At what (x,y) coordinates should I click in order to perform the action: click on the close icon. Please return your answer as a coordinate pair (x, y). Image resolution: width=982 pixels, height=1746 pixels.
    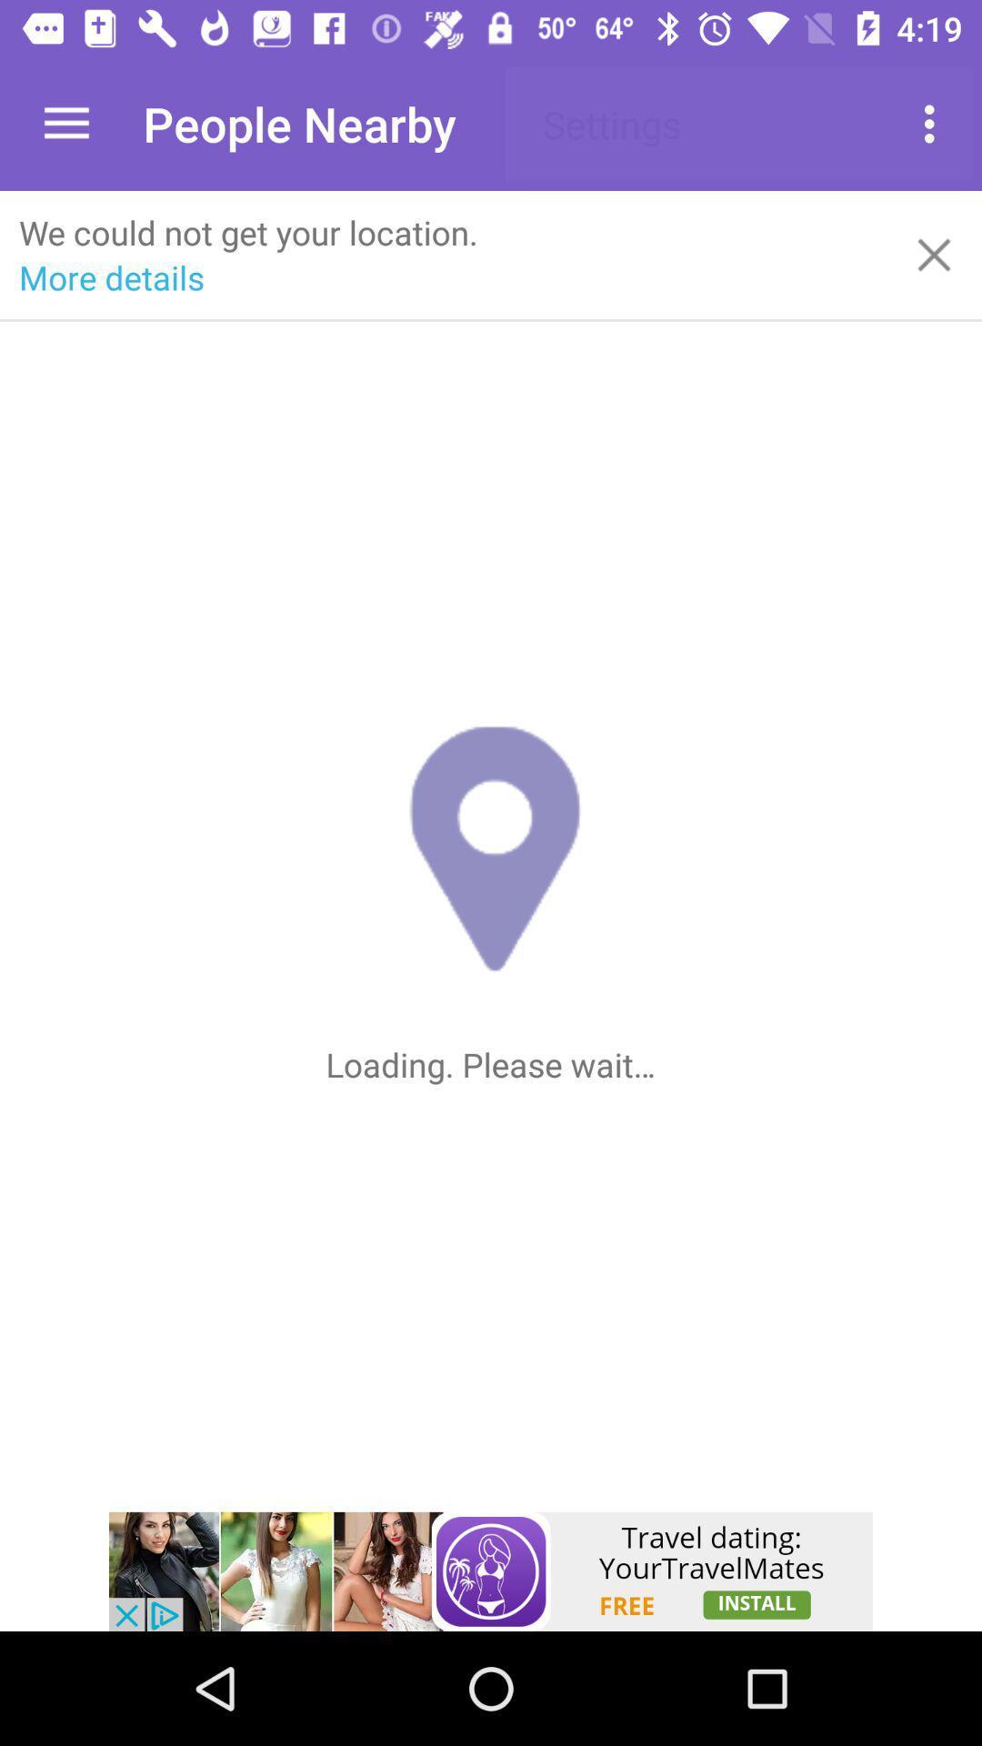
    Looking at the image, I should click on (934, 254).